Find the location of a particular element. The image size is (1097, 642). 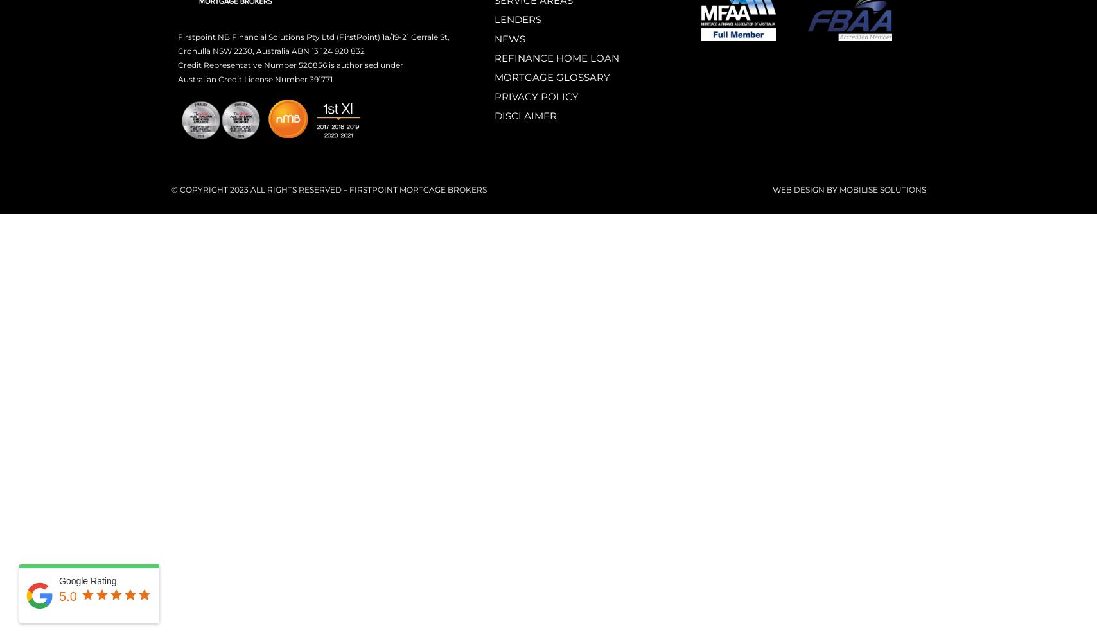

'Mobilise Solutions' is located at coordinates (882, 189).